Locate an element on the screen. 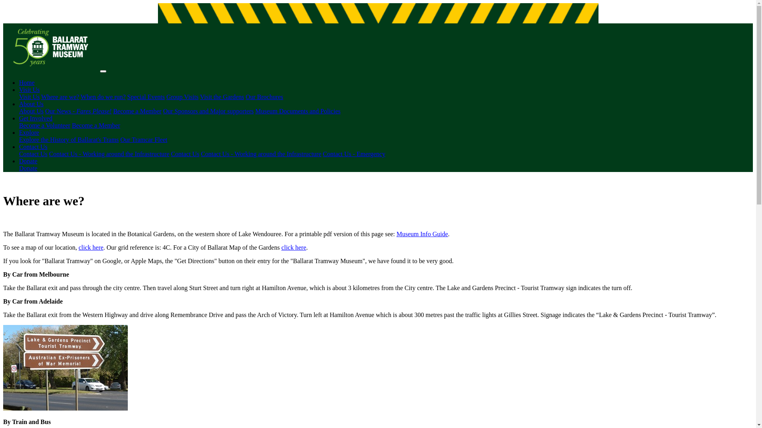 This screenshot has height=428, width=762. 'Contact Us' is located at coordinates (185, 154).